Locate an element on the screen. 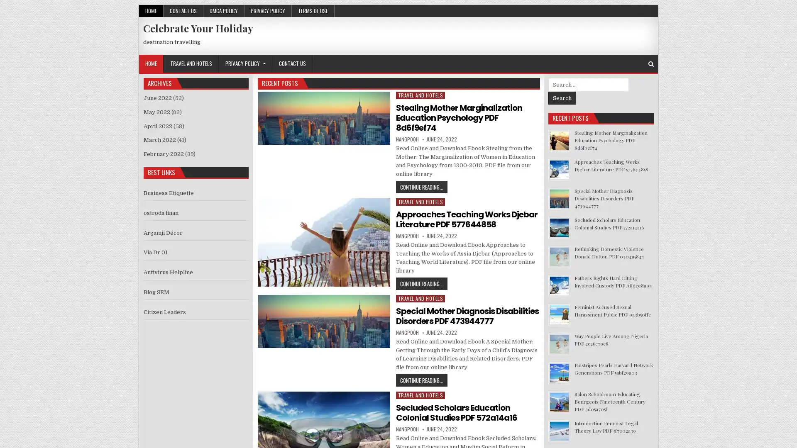 The height and width of the screenshot is (448, 797). Search is located at coordinates (562, 97).